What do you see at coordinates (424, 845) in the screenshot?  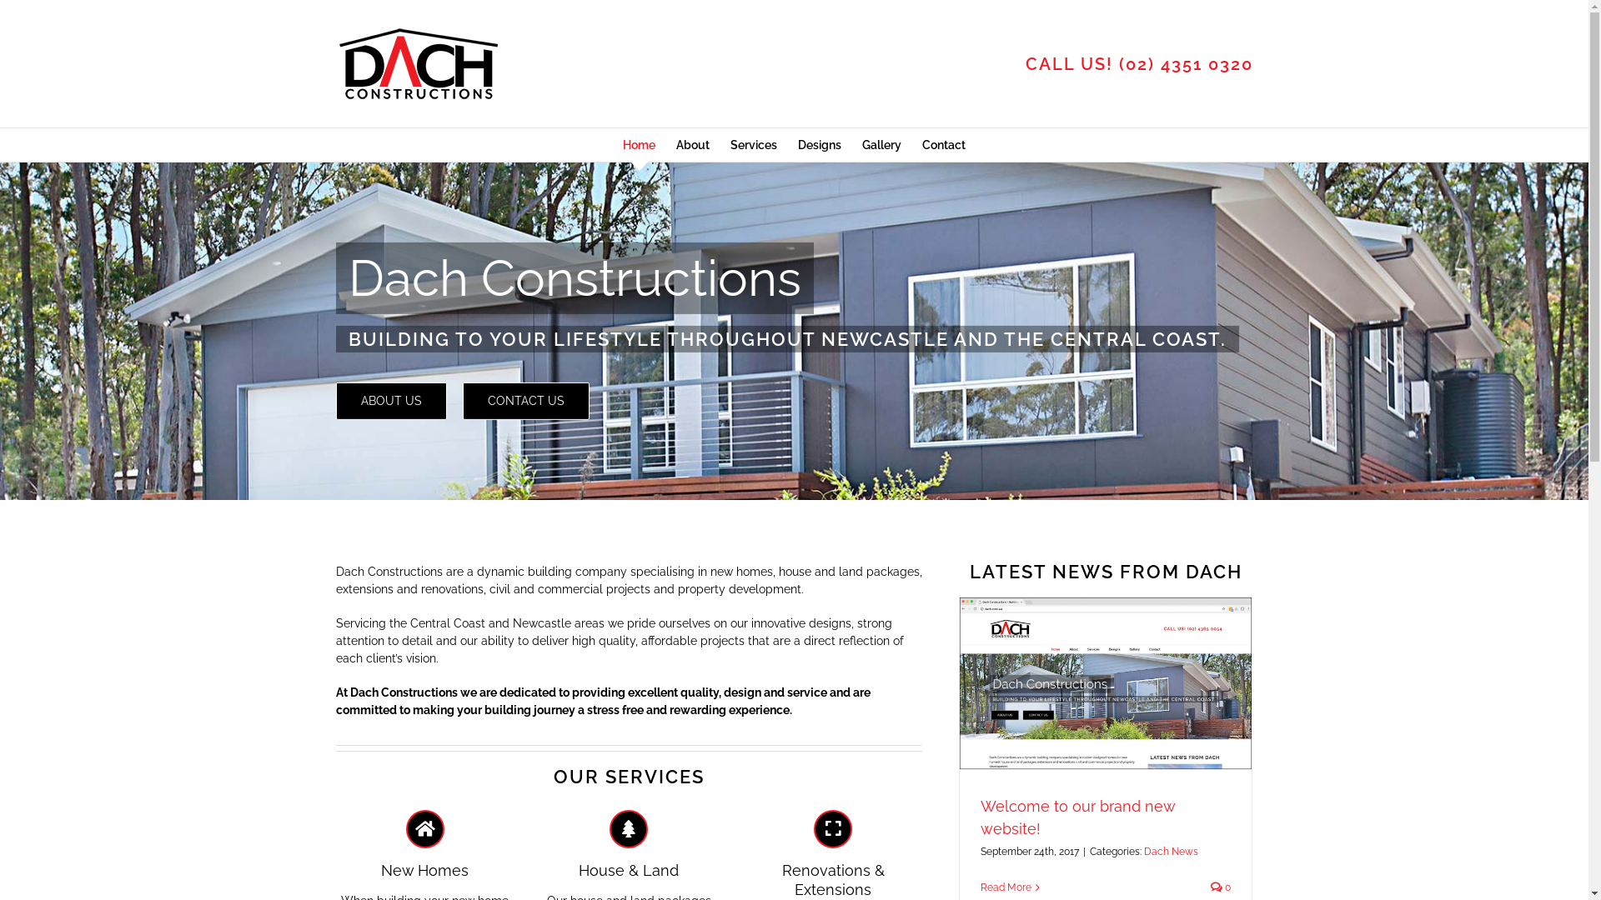 I see `'New Homes'` at bounding box center [424, 845].